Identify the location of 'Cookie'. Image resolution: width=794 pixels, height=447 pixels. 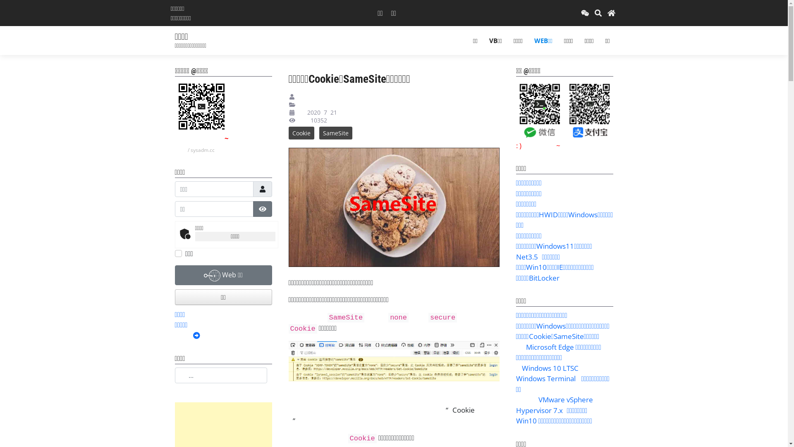
(301, 132).